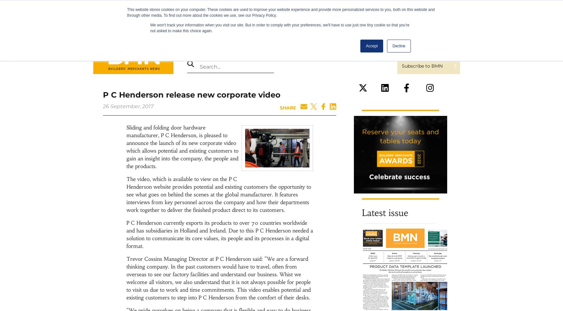  Describe the element at coordinates (128, 106) in the screenshot. I see `'26 September, 2017'` at that location.